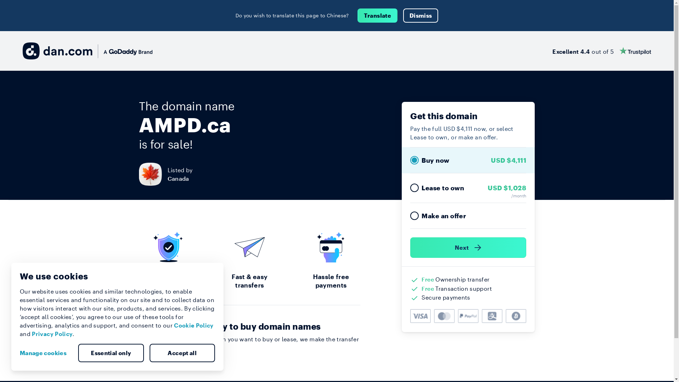 This screenshot has width=679, height=382. What do you see at coordinates (52, 334) in the screenshot?
I see `'Privacy Policy'` at bounding box center [52, 334].